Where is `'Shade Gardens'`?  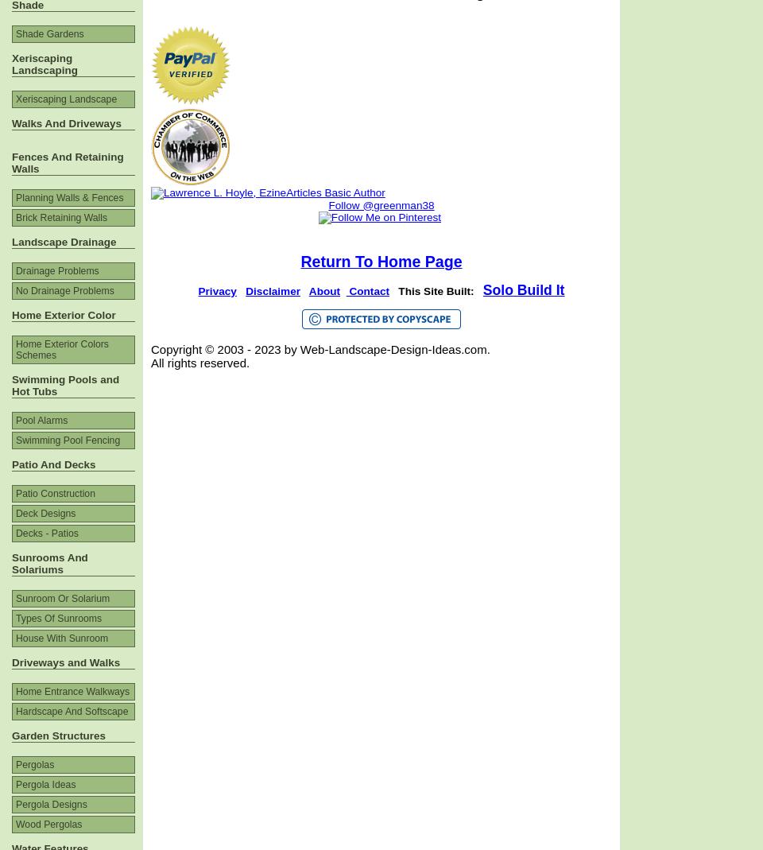 'Shade Gardens' is located at coordinates (49, 33).